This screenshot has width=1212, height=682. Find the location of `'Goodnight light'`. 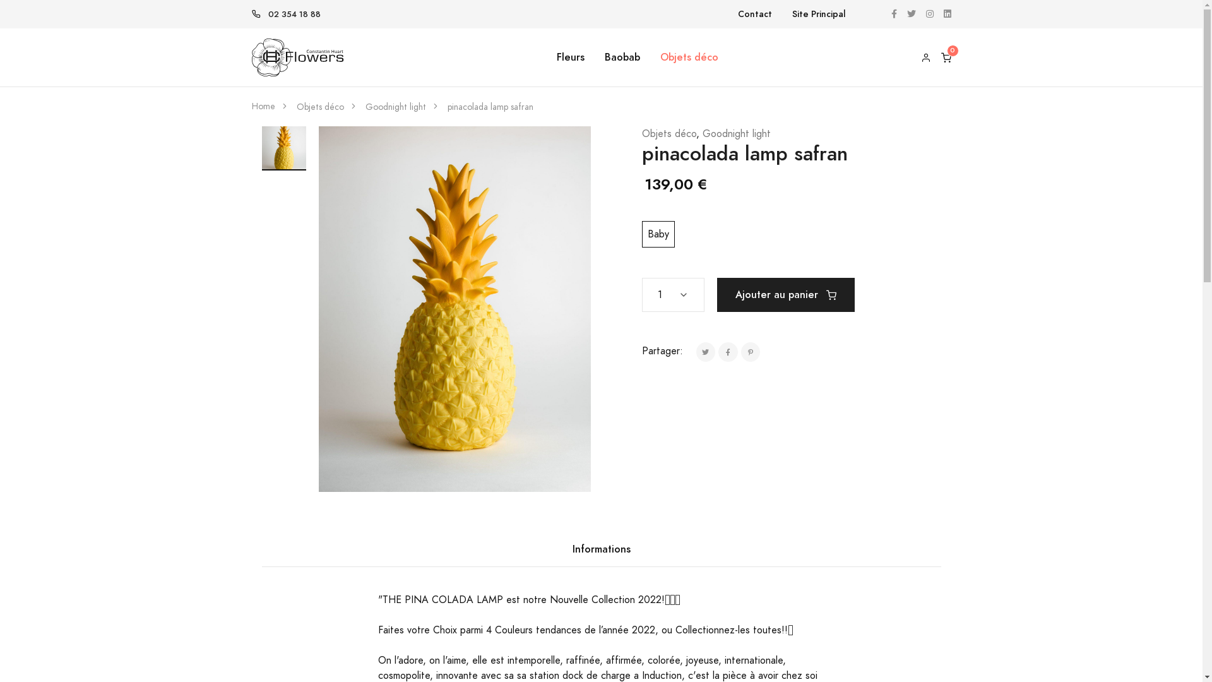

'Goodnight light' is located at coordinates (736, 134).